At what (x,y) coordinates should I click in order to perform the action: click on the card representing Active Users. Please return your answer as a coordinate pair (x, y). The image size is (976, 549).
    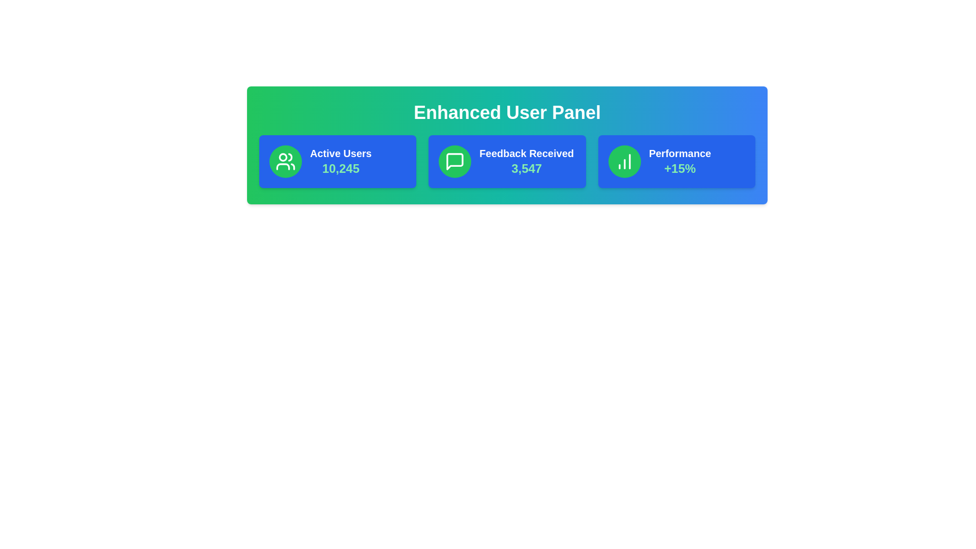
    Looking at the image, I should click on (338, 161).